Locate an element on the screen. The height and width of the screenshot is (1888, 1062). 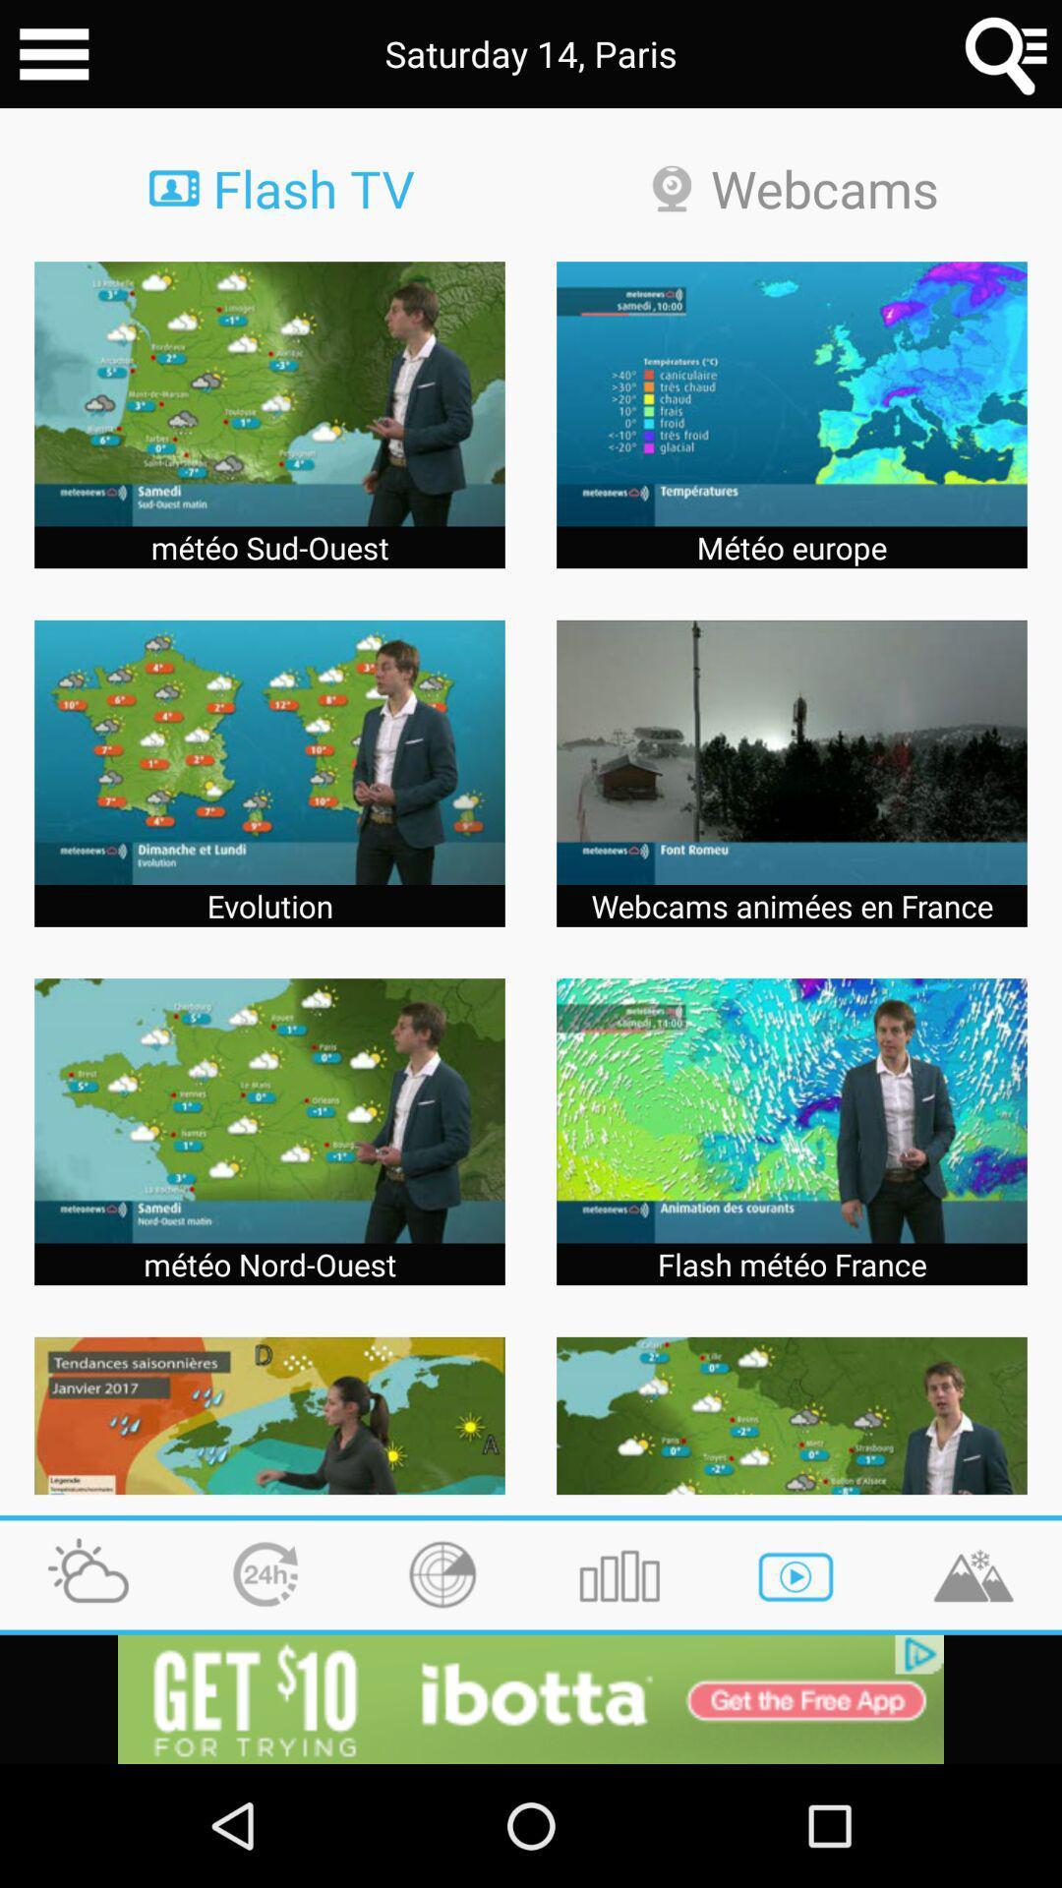
search icon is located at coordinates (1007, 54).